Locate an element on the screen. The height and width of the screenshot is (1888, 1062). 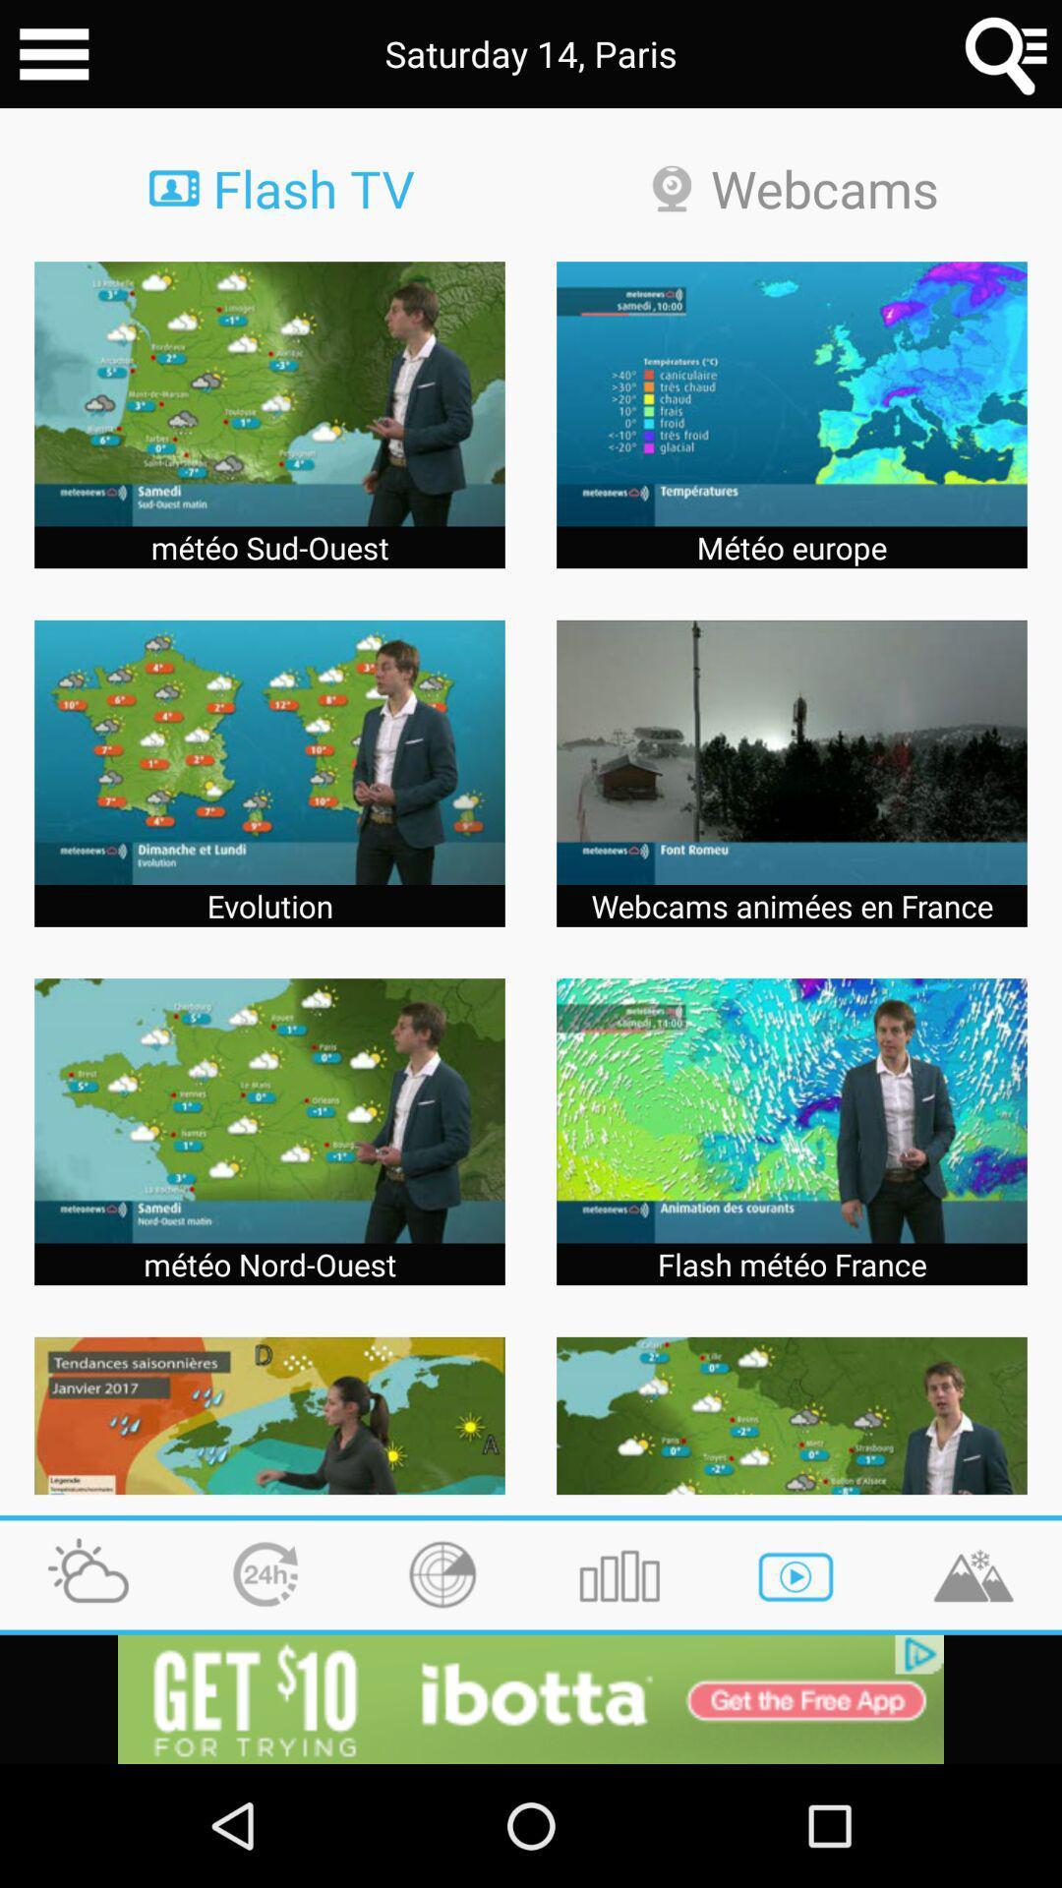
search icon is located at coordinates (1007, 54).